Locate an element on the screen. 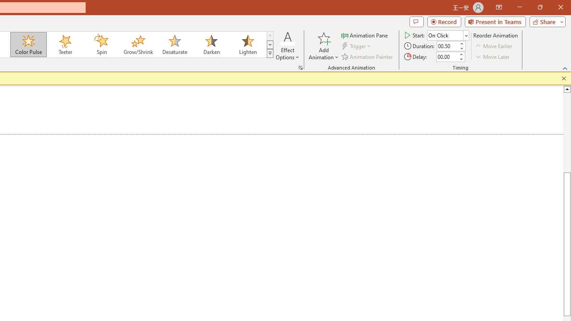  'Animation Painter' is located at coordinates (368, 57).